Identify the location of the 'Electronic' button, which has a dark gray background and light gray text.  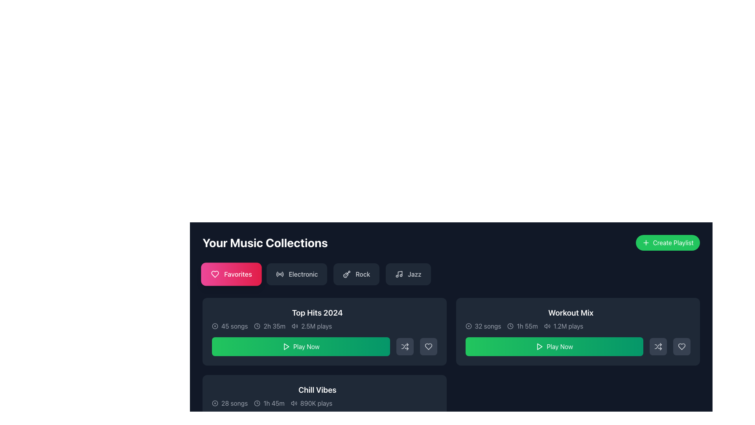
(296, 274).